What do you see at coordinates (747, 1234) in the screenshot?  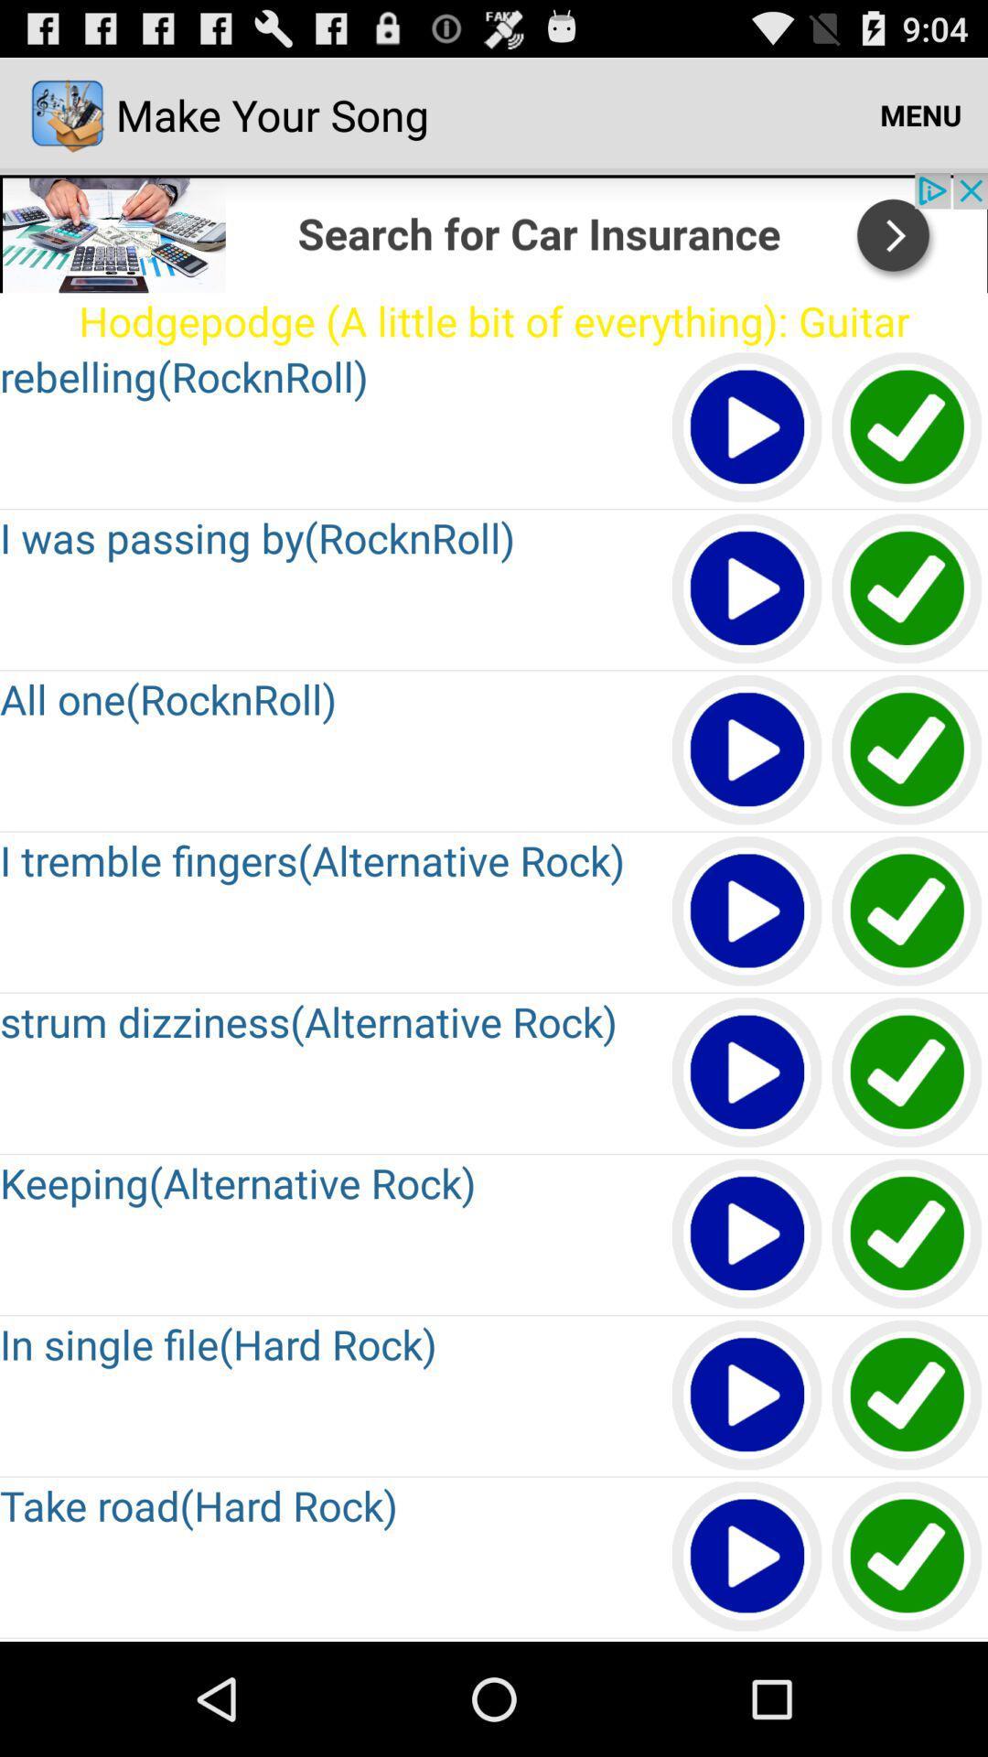 I see `song` at bounding box center [747, 1234].